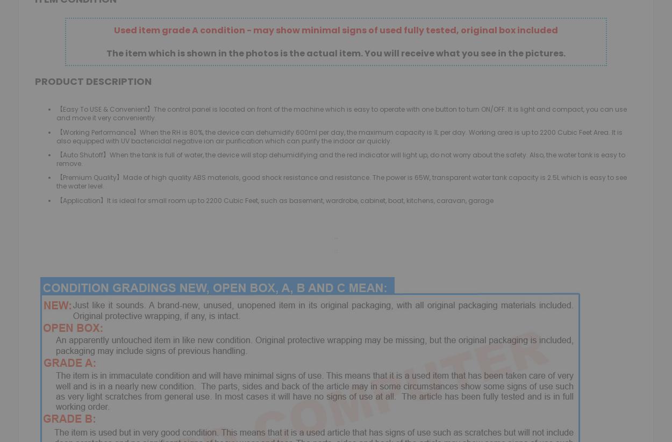 The width and height of the screenshot is (672, 442). What do you see at coordinates (230, 158) in the screenshot?
I see `'Services'` at bounding box center [230, 158].